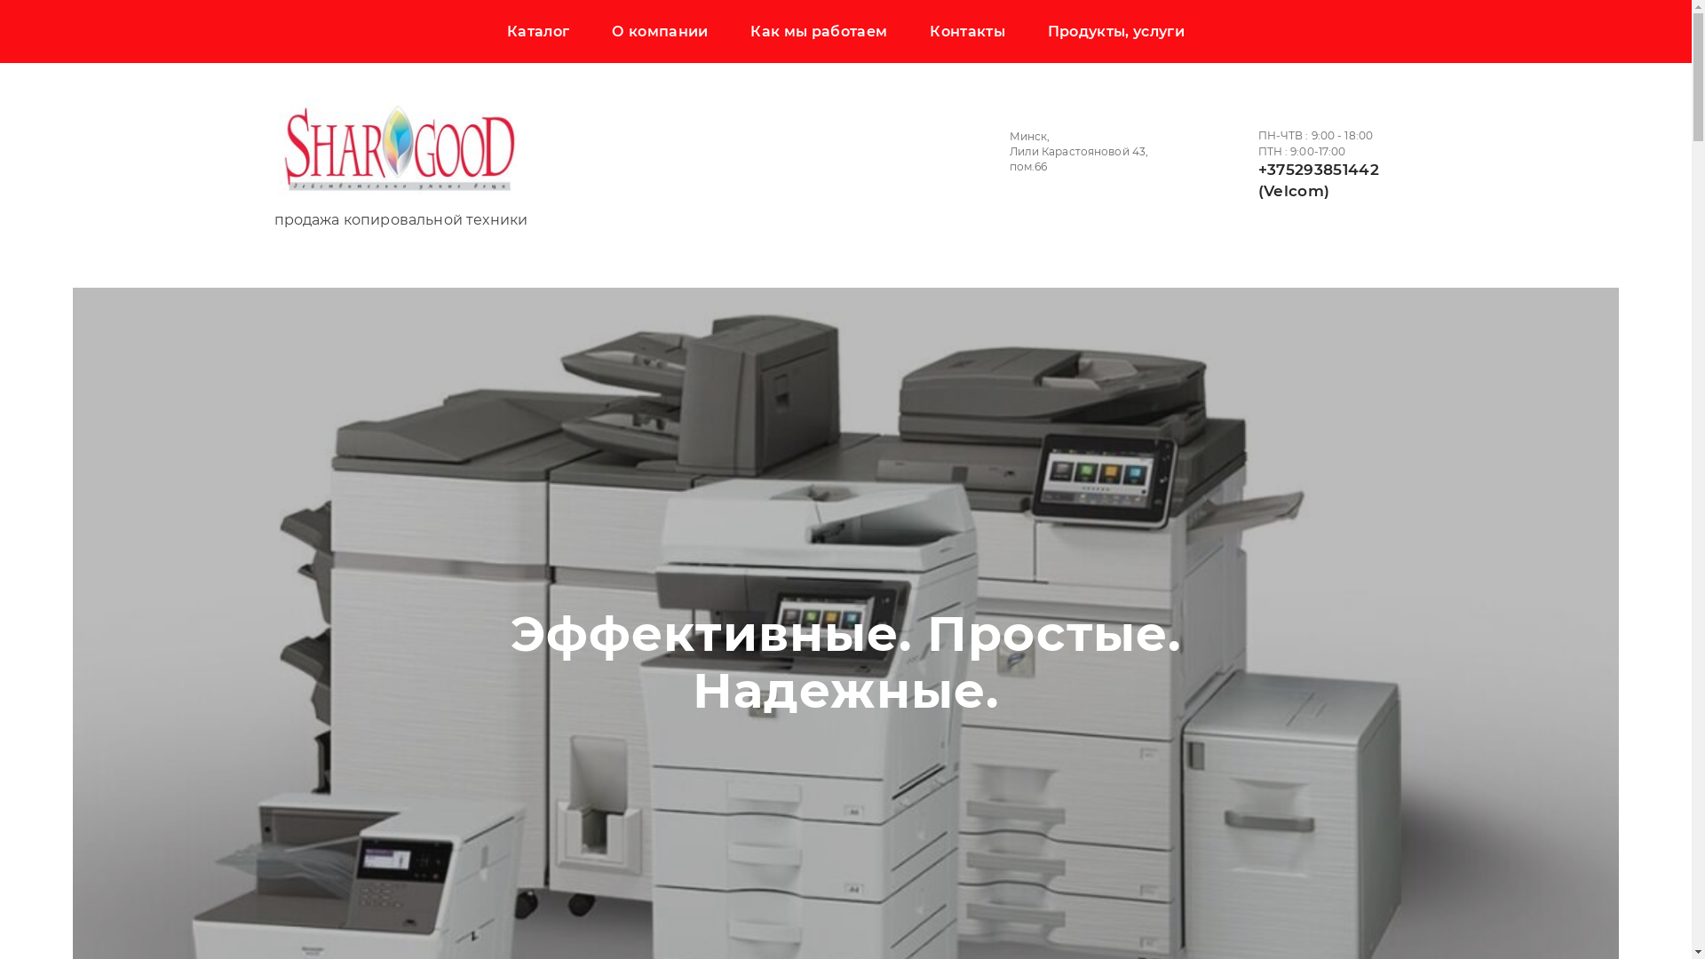 The height and width of the screenshot is (959, 1705). What do you see at coordinates (1317, 180) in the screenshot?
I see `'+375293851442 (Velcom)'` at bounding box center [1317, 180].